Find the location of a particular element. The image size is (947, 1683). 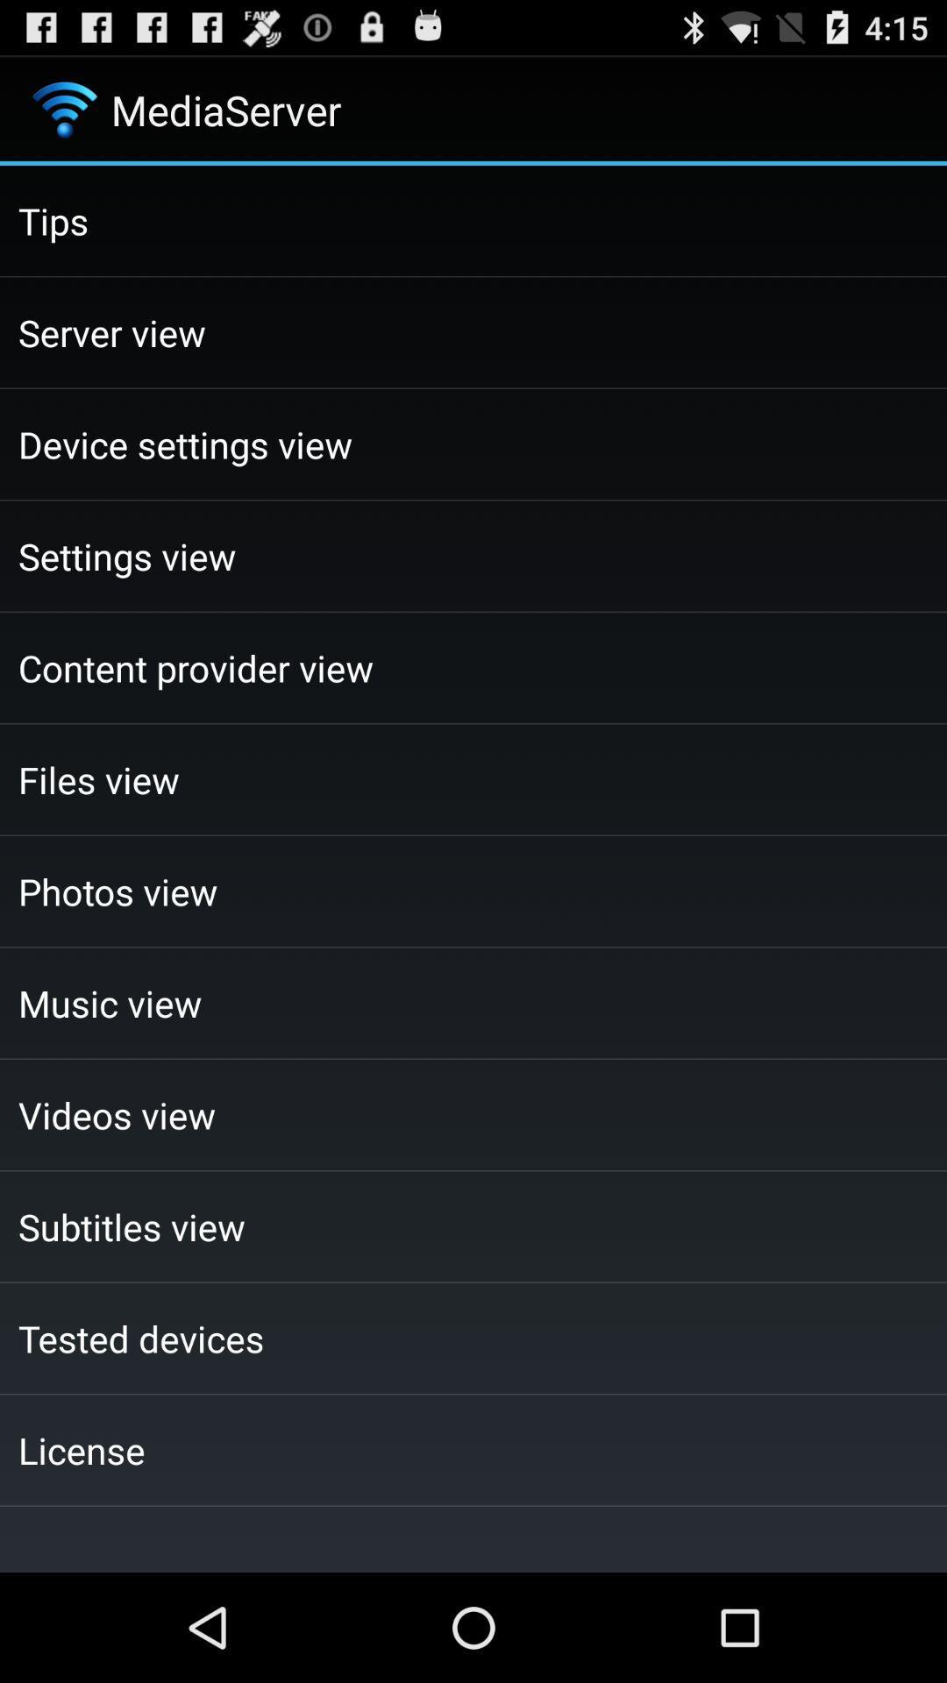

files view checkbox is located at coordinates (473, 778).